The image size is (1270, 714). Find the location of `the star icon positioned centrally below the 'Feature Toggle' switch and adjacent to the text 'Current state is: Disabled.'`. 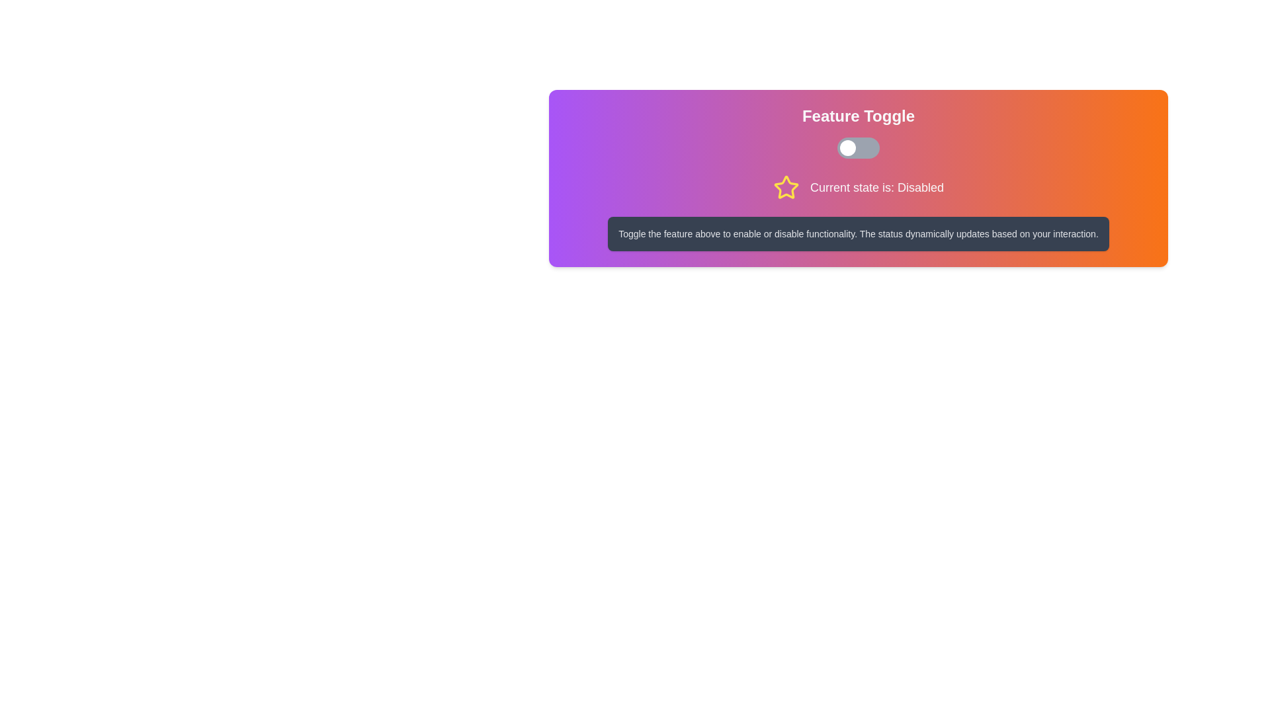

the star icon positioned centrally below the 'Feature Toggle' switch and adjacent to the text 'Current state is: Disabled.' is located at coordinates (786, 187).